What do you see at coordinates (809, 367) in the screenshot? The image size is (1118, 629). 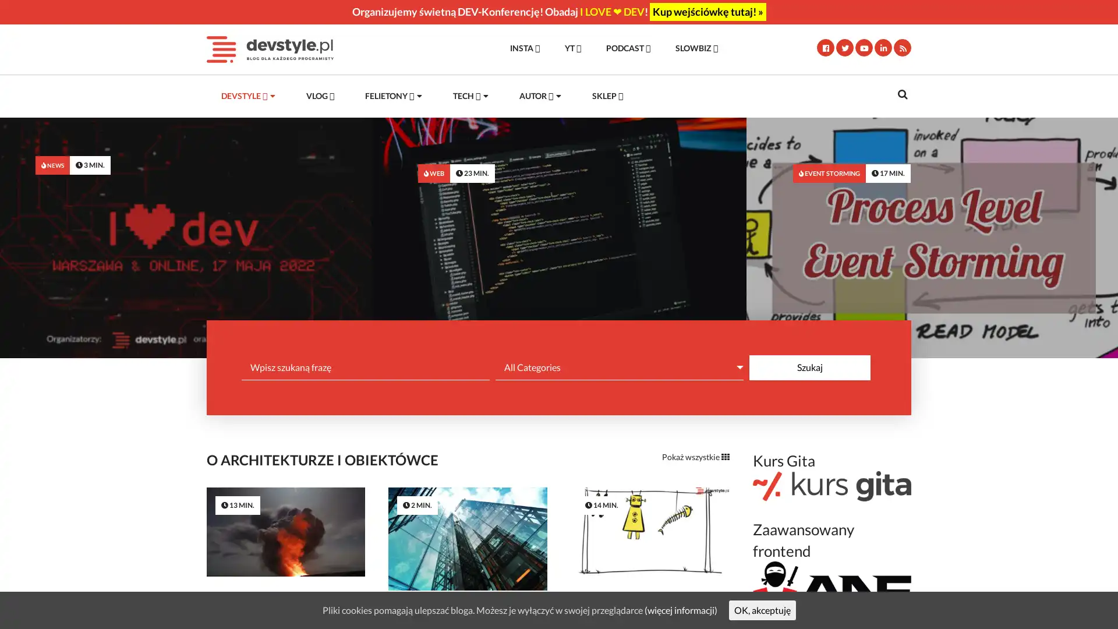 I see `Szukaj` at bounding box center [809, 367].